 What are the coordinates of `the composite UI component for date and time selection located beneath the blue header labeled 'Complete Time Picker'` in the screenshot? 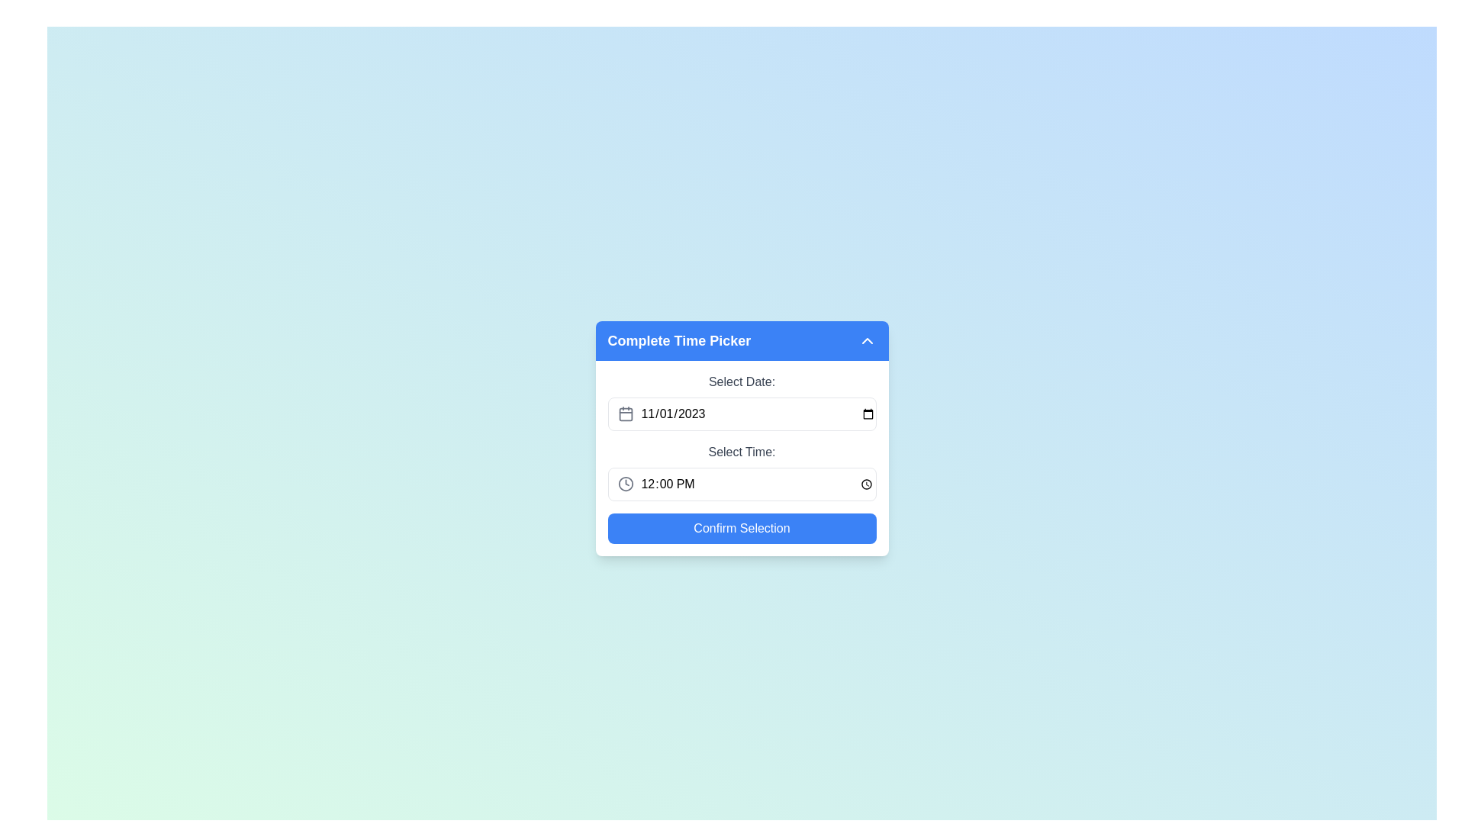 It's located at (742, 458).